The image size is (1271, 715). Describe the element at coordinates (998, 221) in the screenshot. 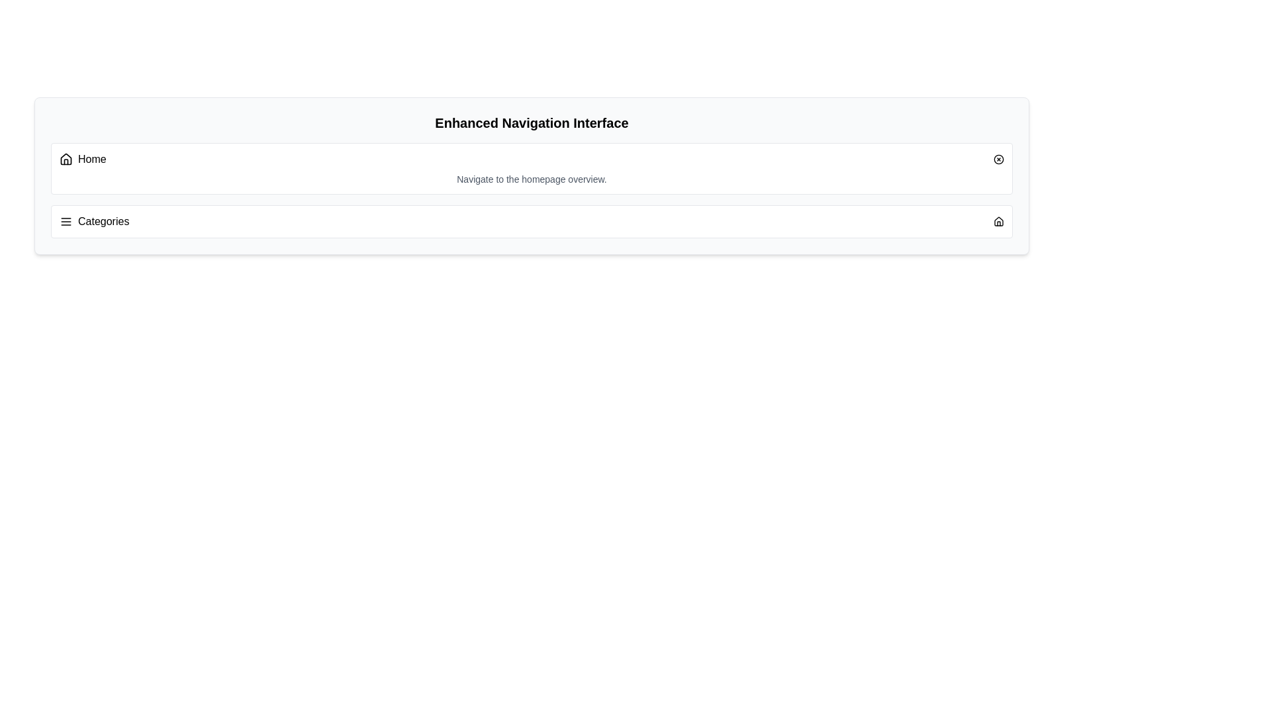

I see `the house icon located on the far right side of the 'Categories' section, which serves as a link to the homepage or top-level navigation` at that location.